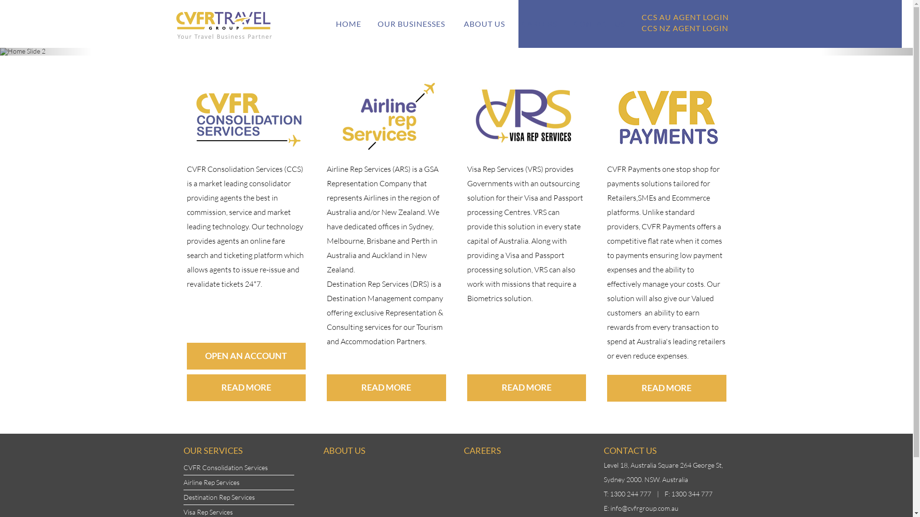 Image resolution: width=920 pixels, height=517 pixels. What do you see at coordinates (684, 27) in the screenshot?
I see `'CCS NZ AGENT LOGIN'` at bounding box center [684, 27].